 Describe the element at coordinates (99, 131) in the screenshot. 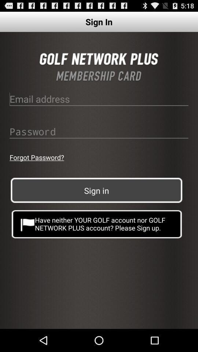

I see `area to input password` at that location.